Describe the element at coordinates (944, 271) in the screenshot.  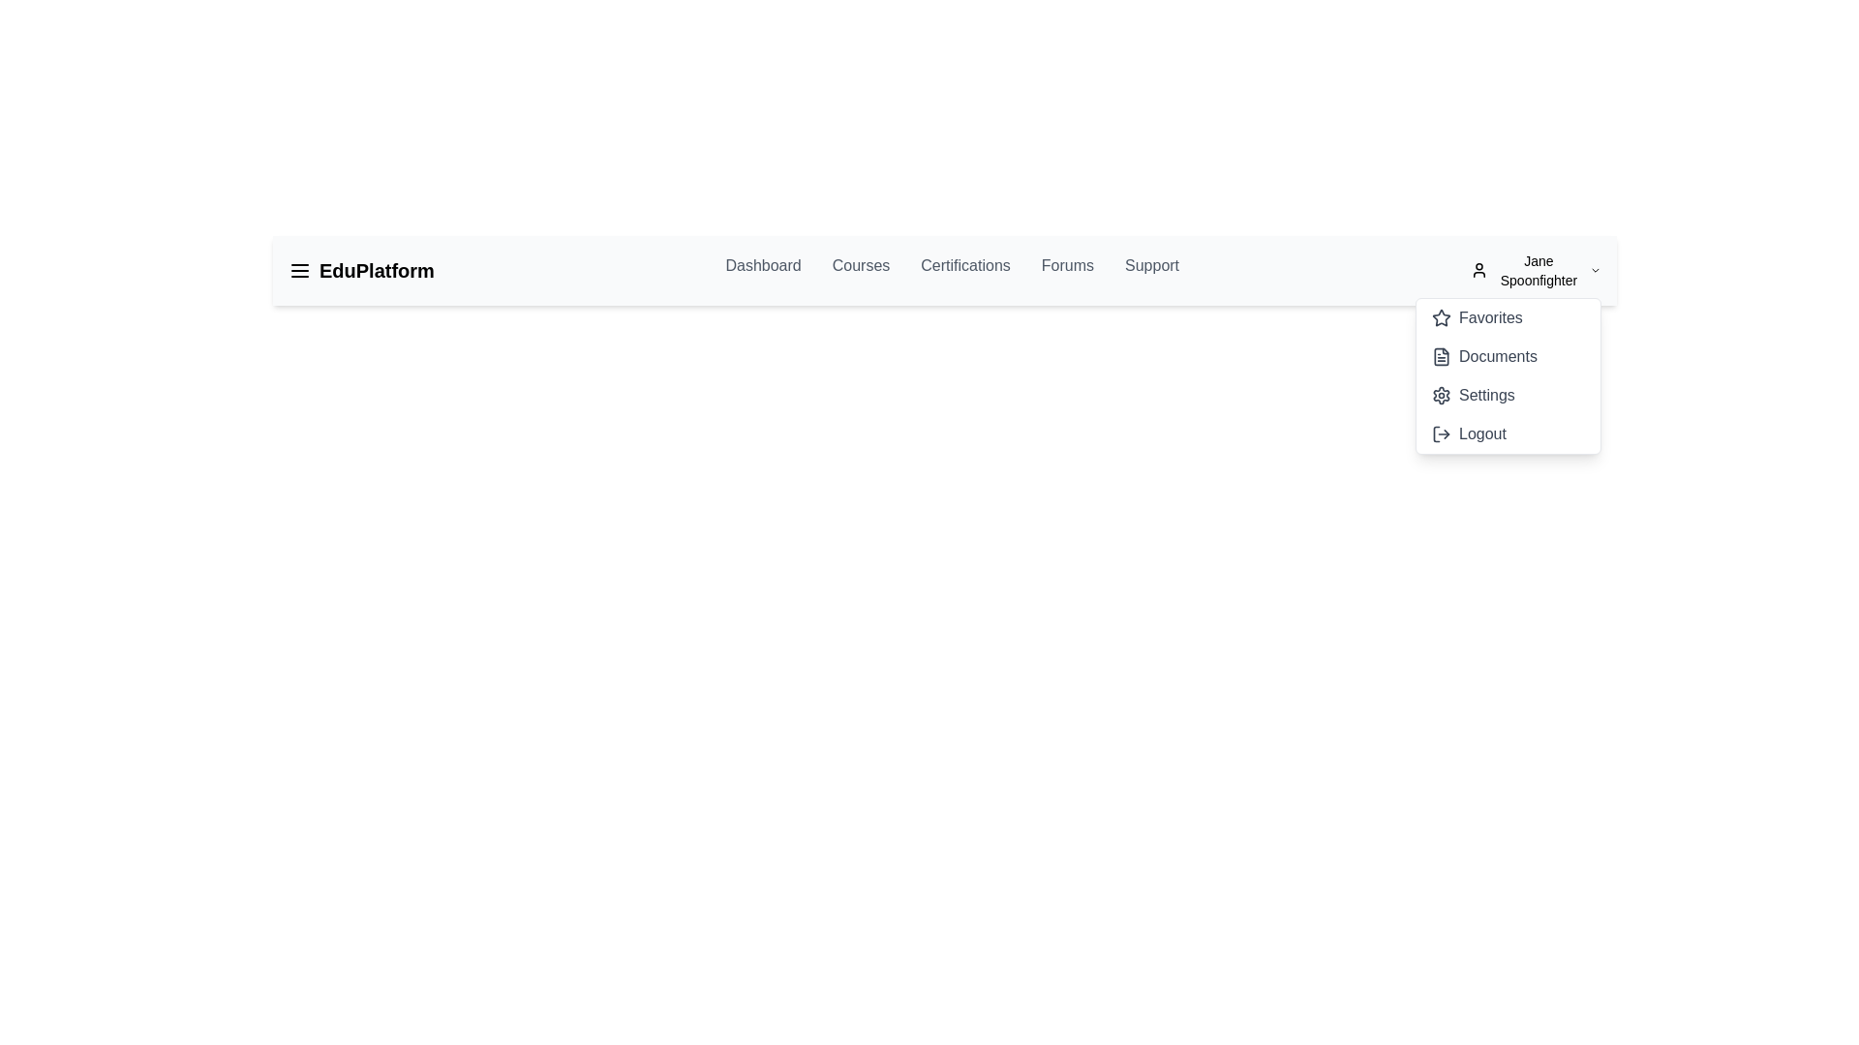
I see `the 'Certifications' hyperlink in the navigation menu` at that location.